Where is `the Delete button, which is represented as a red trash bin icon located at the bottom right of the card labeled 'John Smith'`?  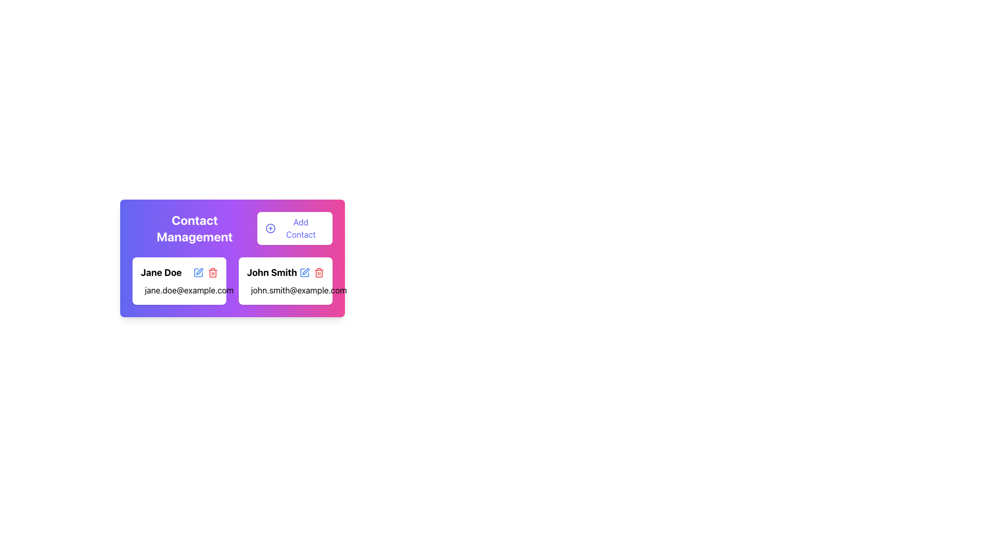 the Delete button, which is represented as a red trash bin icon located at the bottom right of the card labeled 'John Smith' is located at coordinates (212, 272).